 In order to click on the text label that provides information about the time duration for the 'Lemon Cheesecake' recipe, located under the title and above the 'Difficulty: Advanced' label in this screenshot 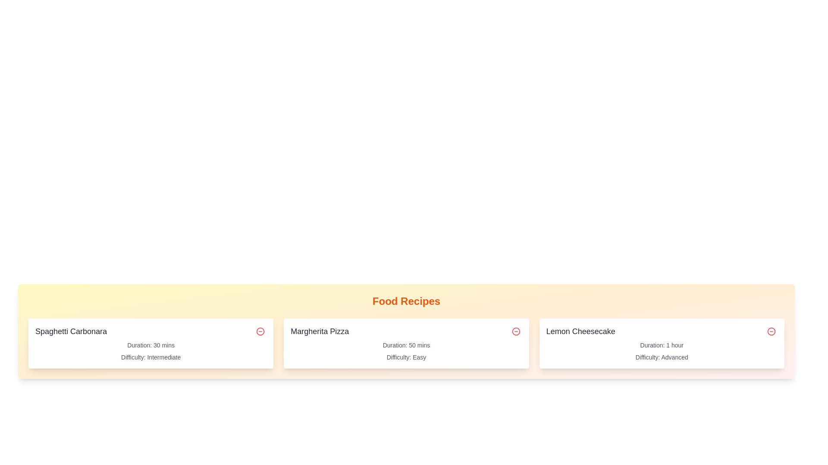, I will do `click(661, 345)`.